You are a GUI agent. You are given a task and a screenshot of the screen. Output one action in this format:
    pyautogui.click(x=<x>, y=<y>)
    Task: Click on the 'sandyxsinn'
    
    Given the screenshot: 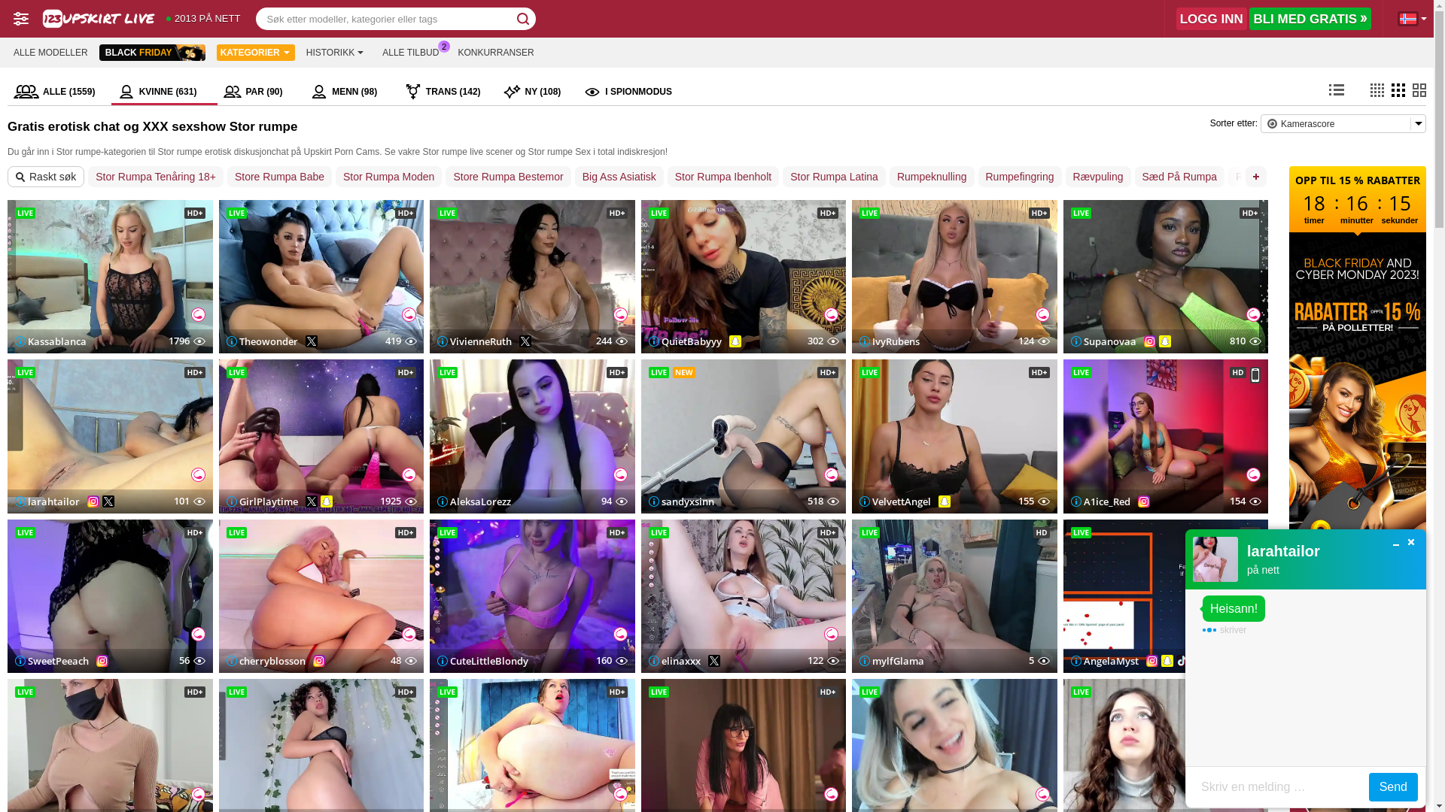 What is the action you would take?
    pyautogui.click(x=680, y=501)
    